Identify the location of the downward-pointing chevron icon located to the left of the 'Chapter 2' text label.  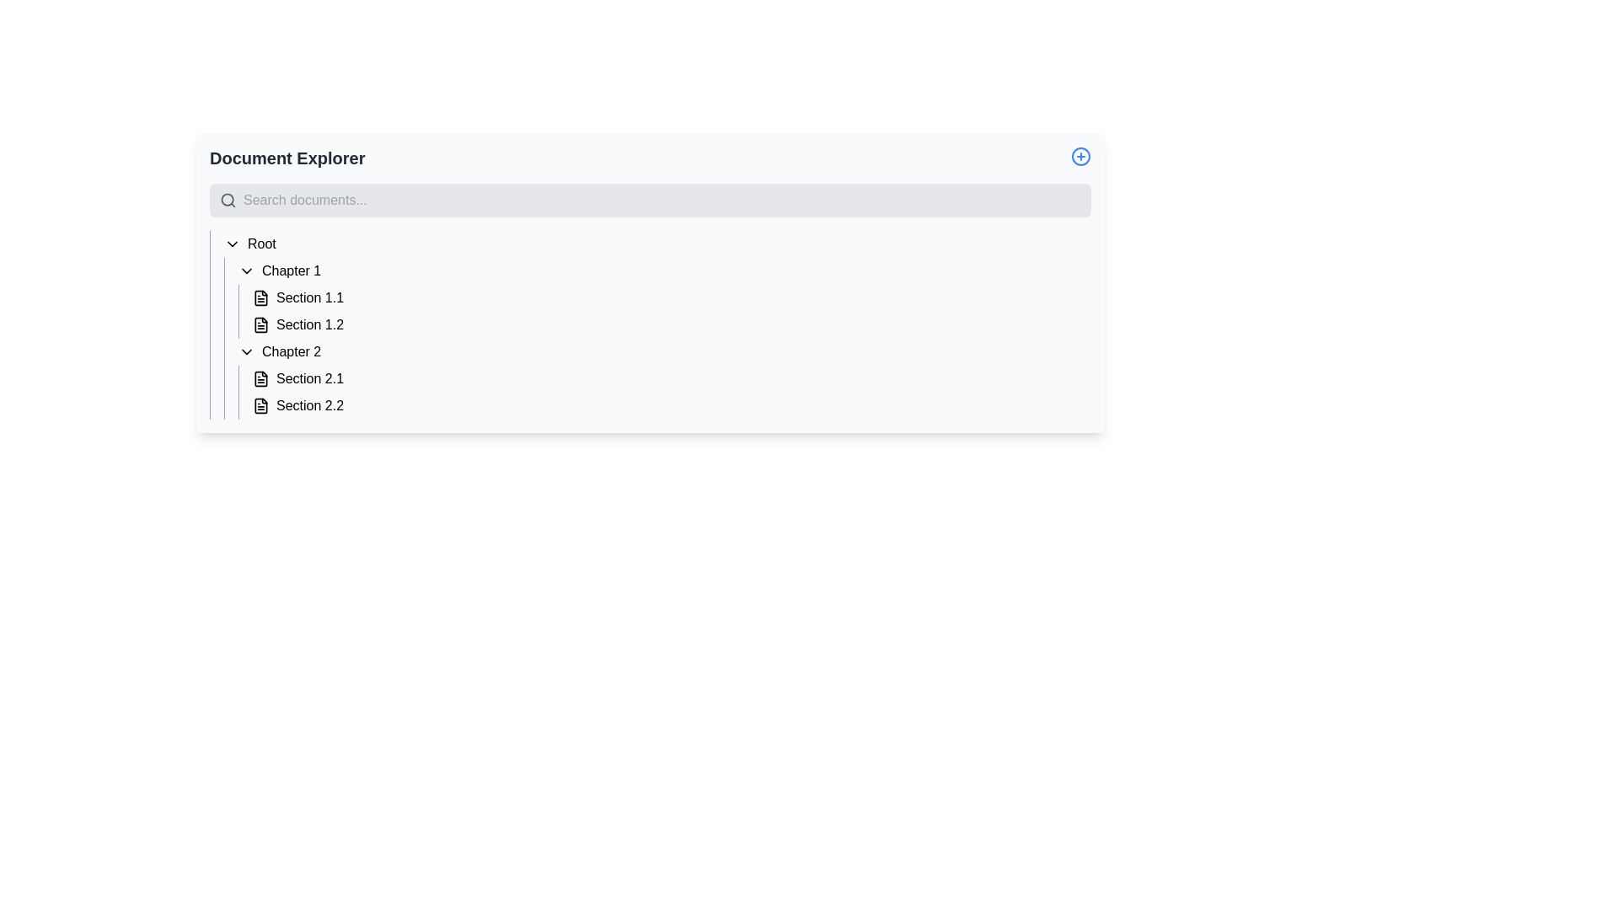
(245, 351).